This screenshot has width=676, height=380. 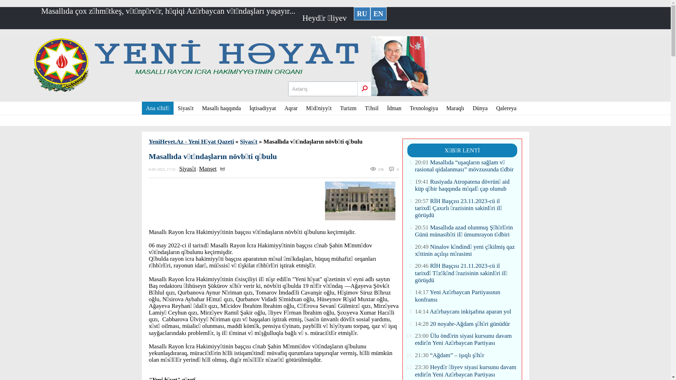 What do you see at coordinates (378, 13) in the screenshot?
I see `'EN'` at bounding box center [378, 13].